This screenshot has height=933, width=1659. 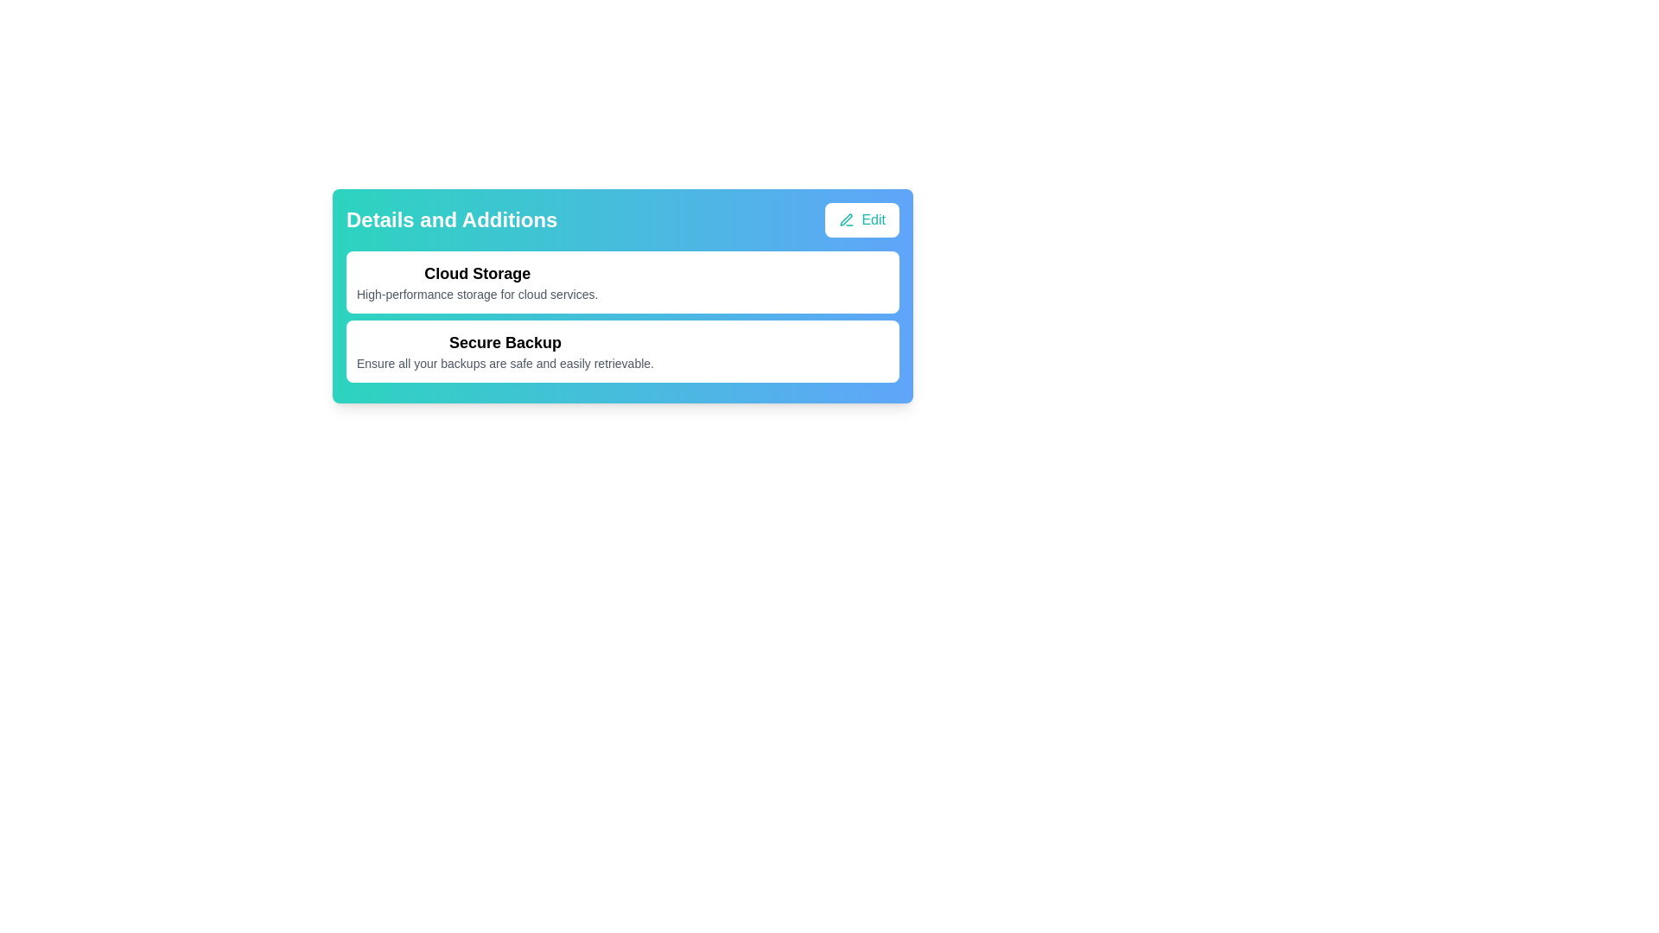 I want to click on informational card titled 'Cloud Storage' which contains details about high-performance storage for cloud services, located within the 'Details and Additions' section, so click(x=622, y=282).